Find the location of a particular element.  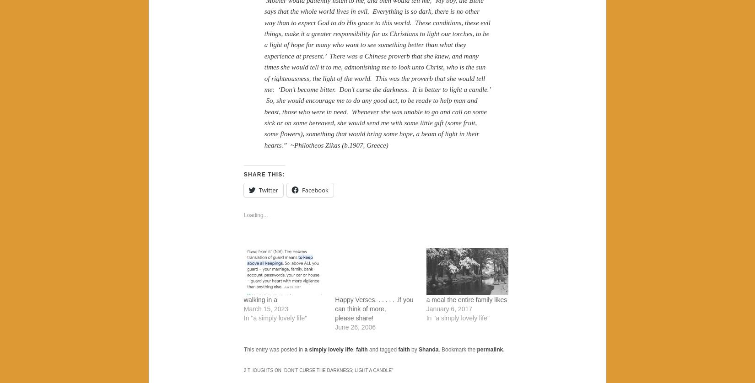

'Share this:' is located at coordinates (243, 174).